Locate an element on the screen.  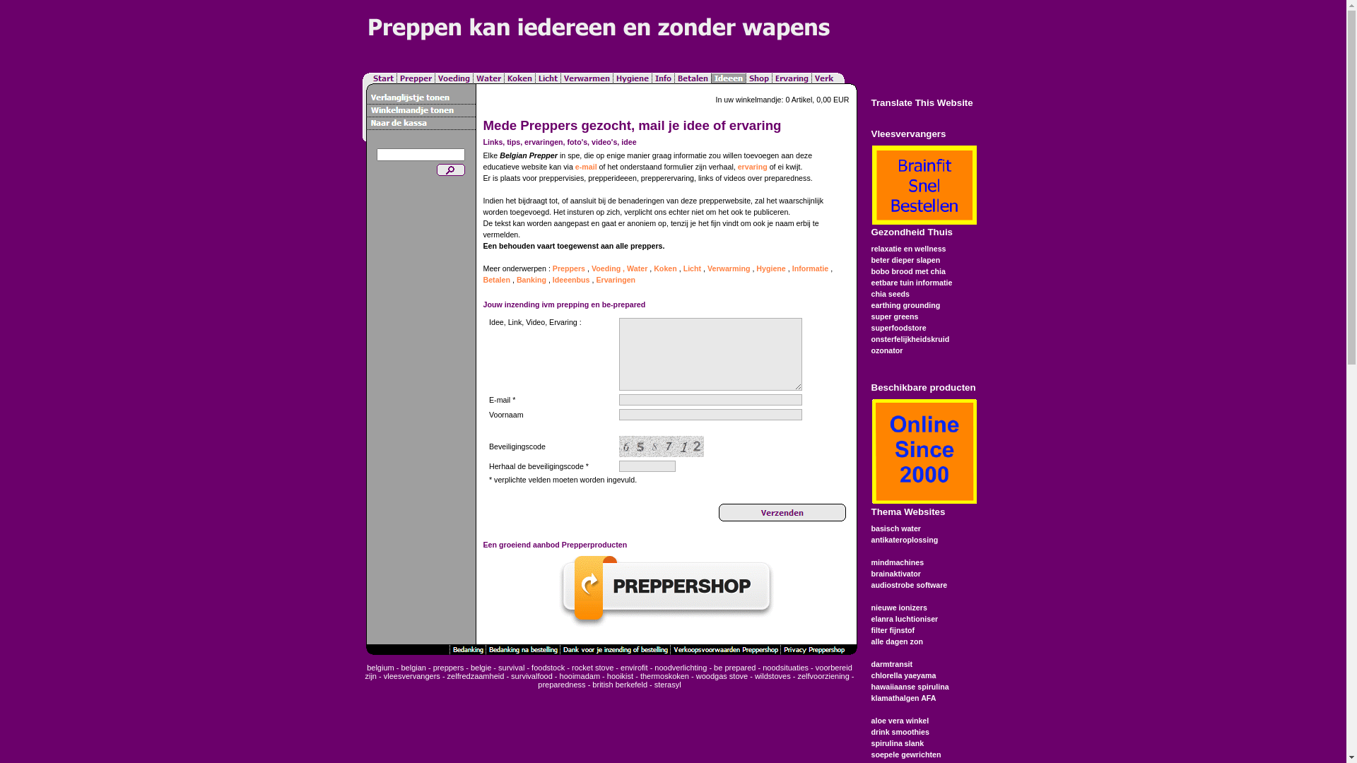
'brainaktivator' is located at coordinates (870, 574).